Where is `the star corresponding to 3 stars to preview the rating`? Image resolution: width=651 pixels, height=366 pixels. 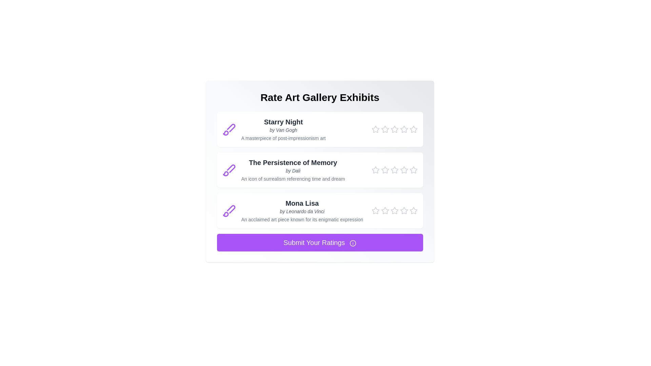
the star corresponding to 3 stars to preview the rating is located at coordinates (394, 129).